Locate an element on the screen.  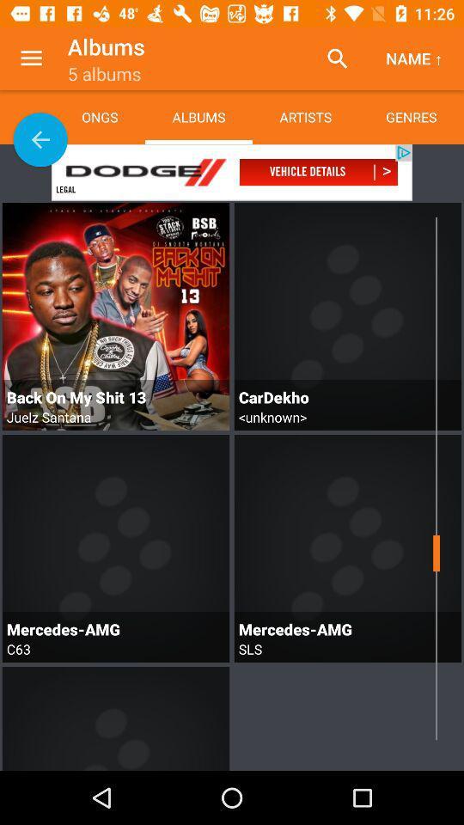
the arrow_backward icon is located at coordinates (40, 138).